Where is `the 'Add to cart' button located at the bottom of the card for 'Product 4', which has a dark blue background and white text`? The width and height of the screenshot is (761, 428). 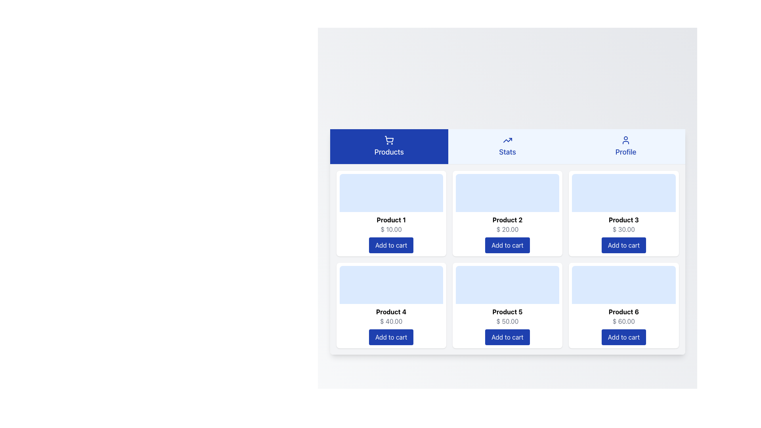 the 'Add to cart' button located at the bottom of the card for 'Product 4', which has a dark blue background and white text is located at coordinates (391, 337).